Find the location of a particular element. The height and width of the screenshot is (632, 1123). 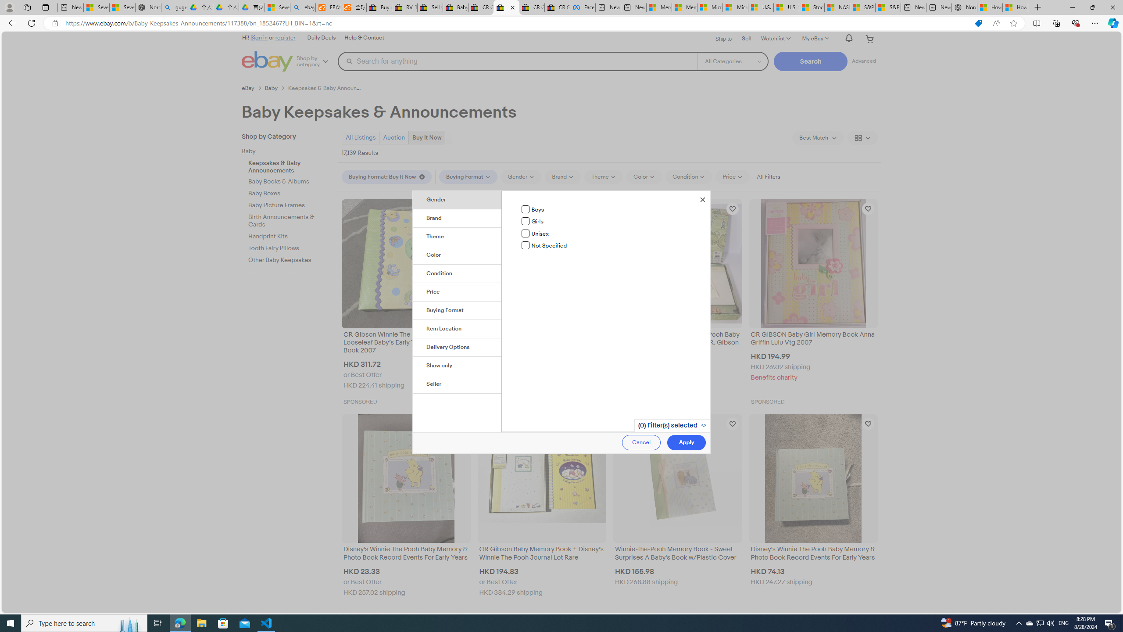

'This site has coupons! Shopping in Microsoft Edge' is located at coordinates (978, 23).